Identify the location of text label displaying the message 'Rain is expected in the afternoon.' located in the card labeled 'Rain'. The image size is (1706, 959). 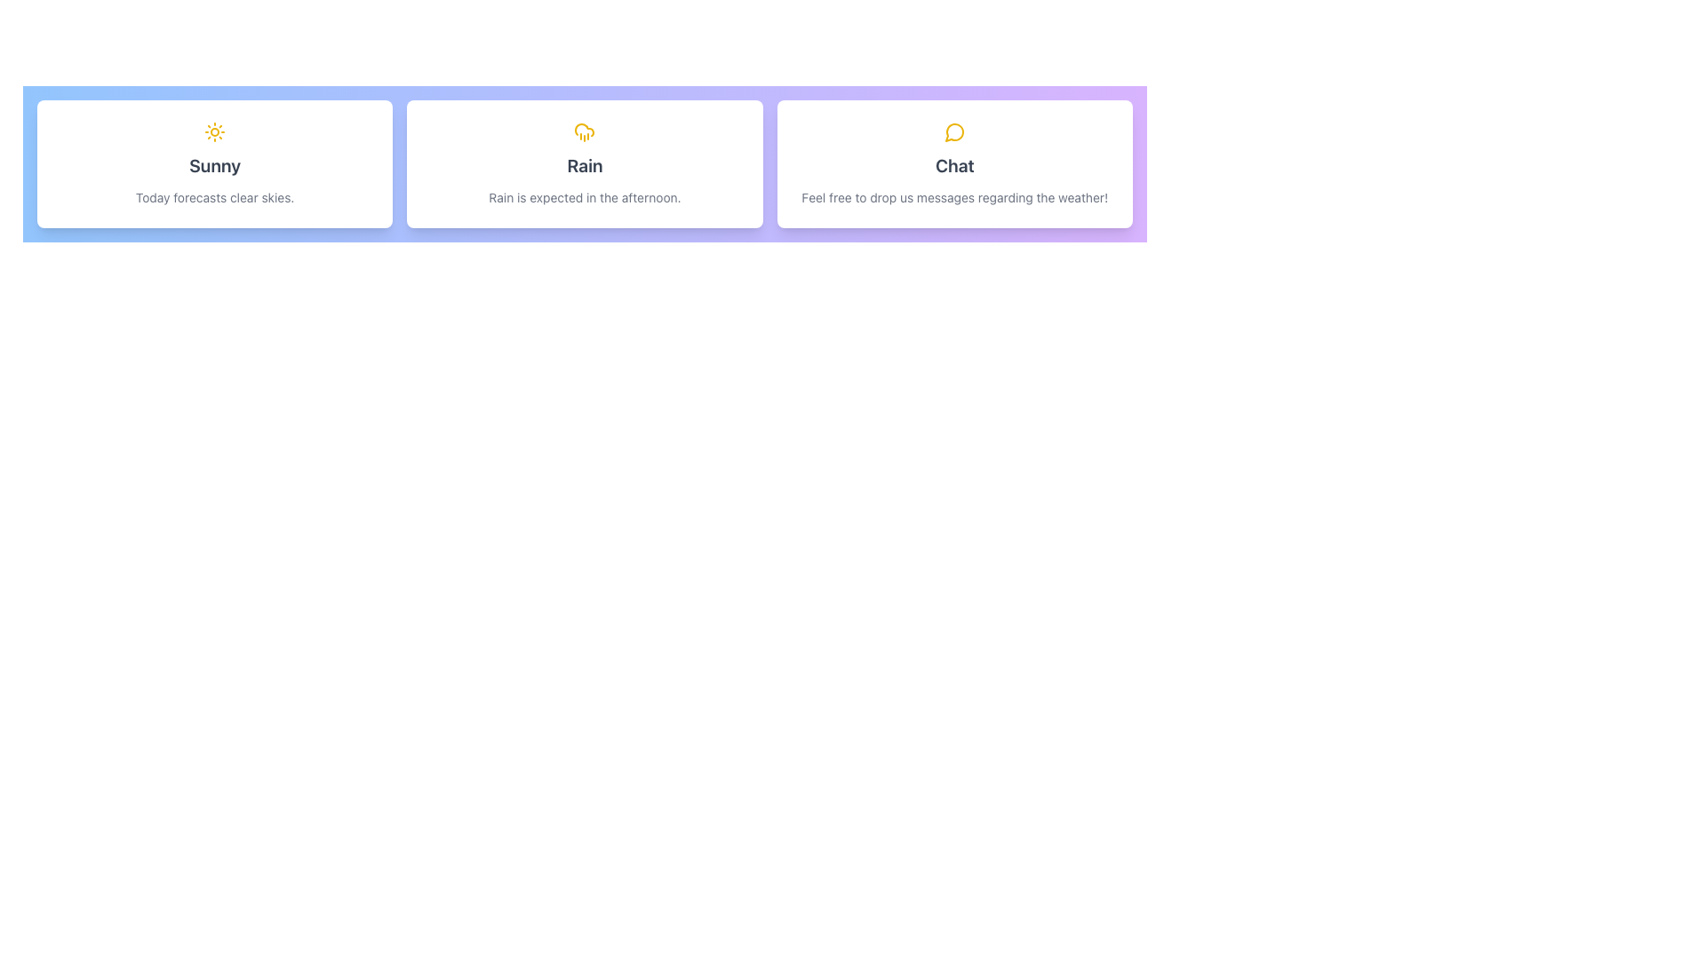
(585, 198).